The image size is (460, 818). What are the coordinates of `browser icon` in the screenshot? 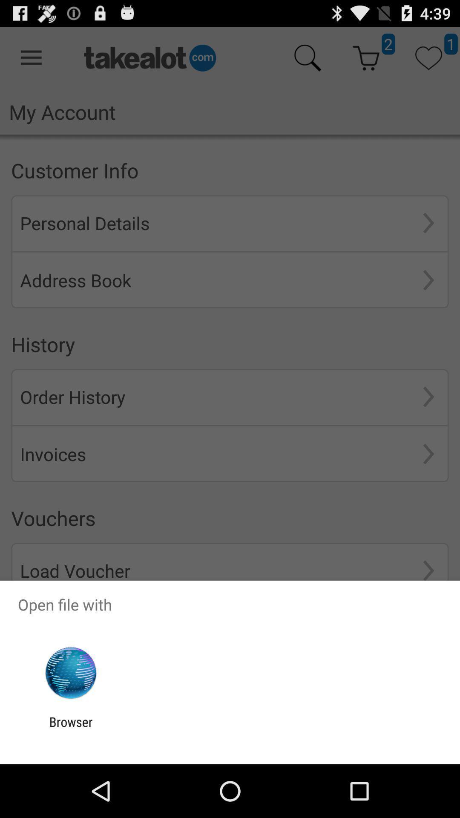 It's located at (70, 729).